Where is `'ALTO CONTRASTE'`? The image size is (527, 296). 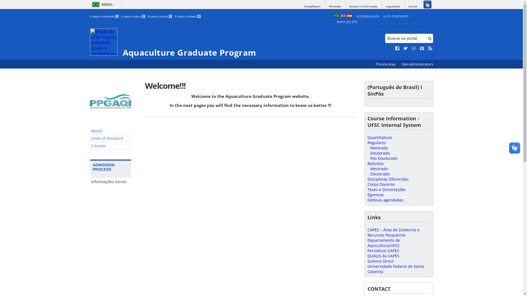
'ALTO CONTRASTE' is located at coordinates (396, 16).